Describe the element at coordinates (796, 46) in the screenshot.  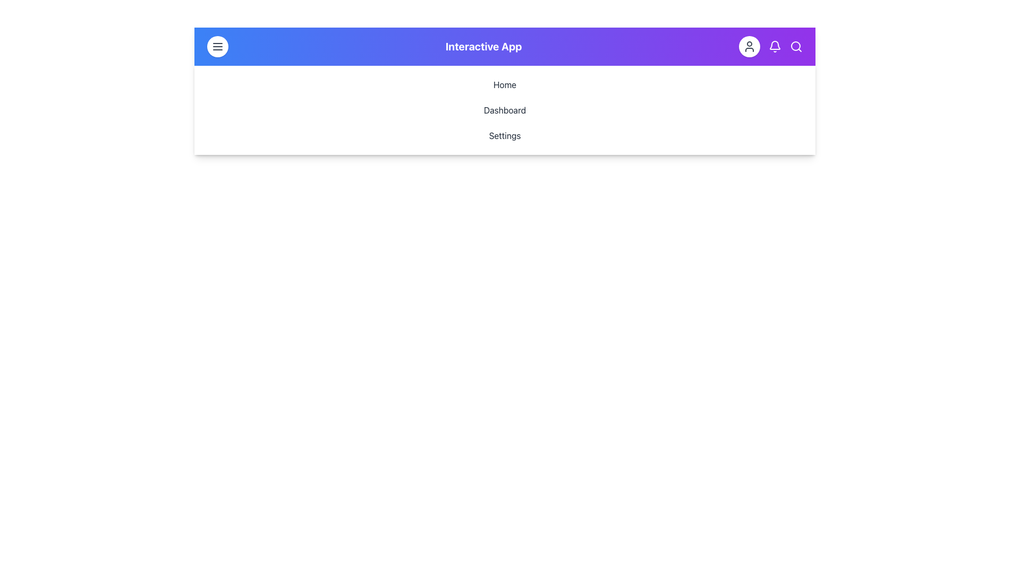
I see `the magnifying glass icon located on the far right of the navigation bar to initiate a search` at that location.